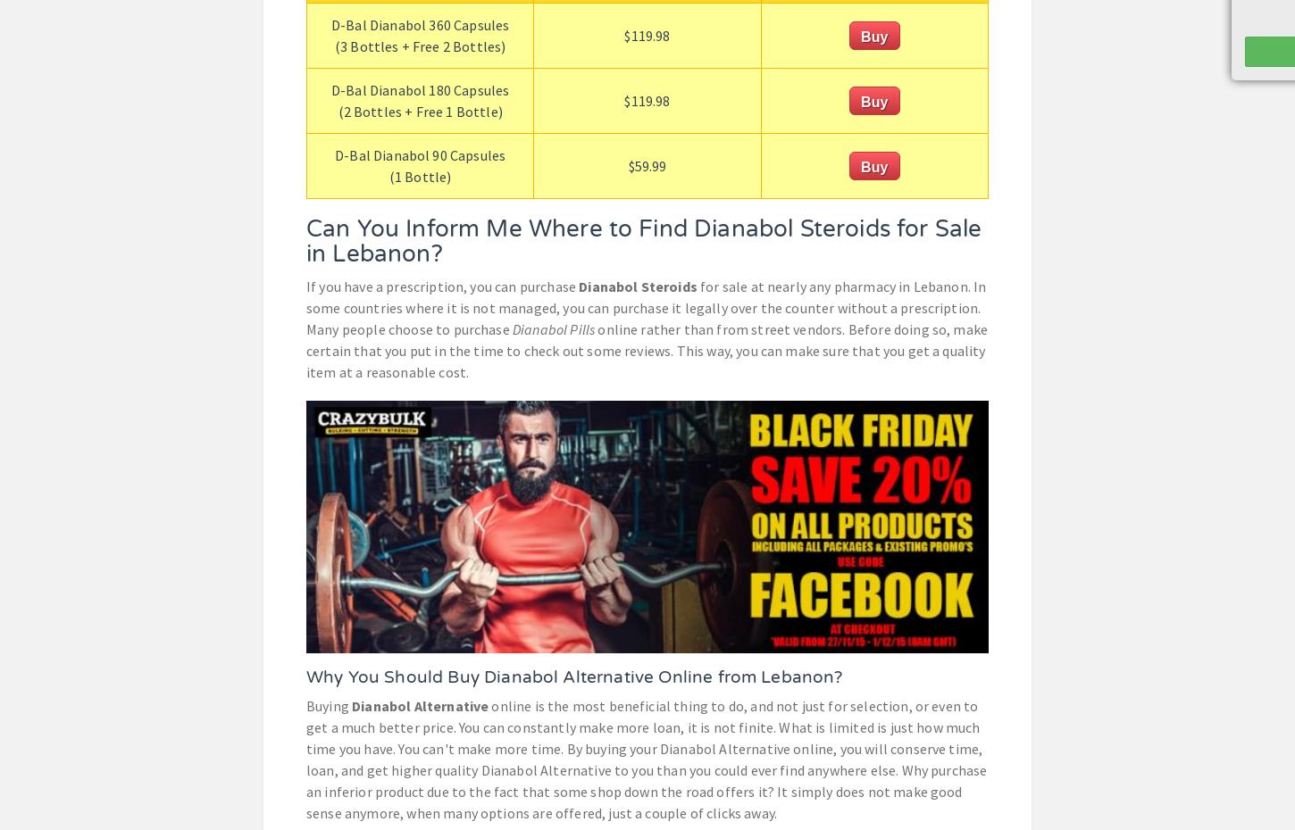 This screenshot has height=830, width=1295. What do you see at coordinates (636, 286) in the screenshot?
I see `'Dianabol Steroids'` at bounding box center [636, 286].